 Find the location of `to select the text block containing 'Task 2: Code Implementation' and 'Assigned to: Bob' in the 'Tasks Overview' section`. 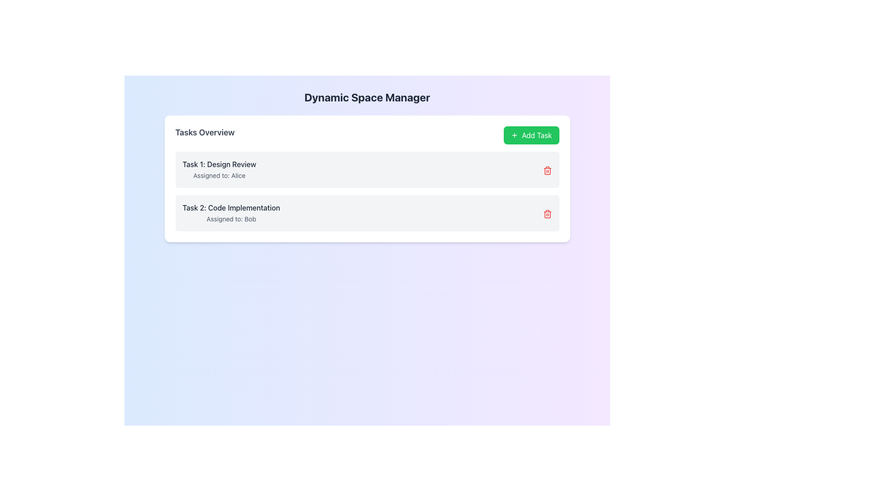

to select the text block containing 'Task 2: Code Implementation' and 'Assigned to: Bob' in the 'Tasks Overview' section is located at coordinates (231, 213).